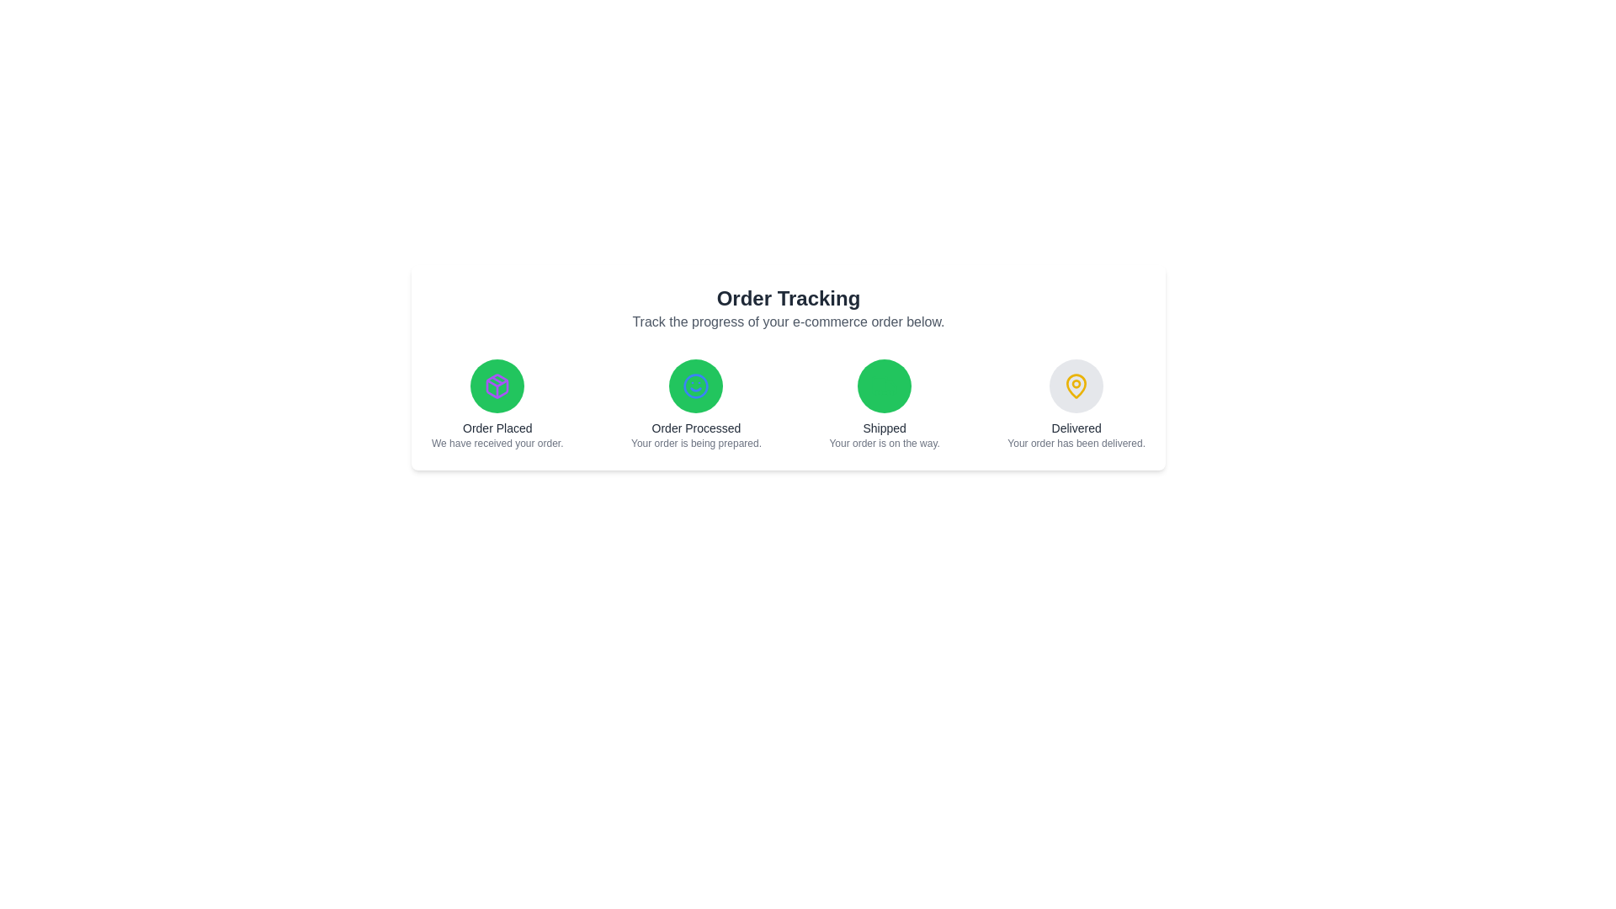 Image resolution: width=1616 pixels, height=909 pixels. I want to click on the static text label indicating 'Order Processed' in the order tracking interface, positioned below the green circular icon, so click(696, 428).